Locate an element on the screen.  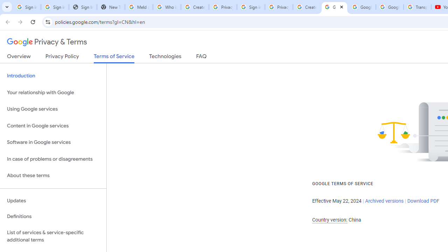
'Technologies' is located at coordinates (165, 57).